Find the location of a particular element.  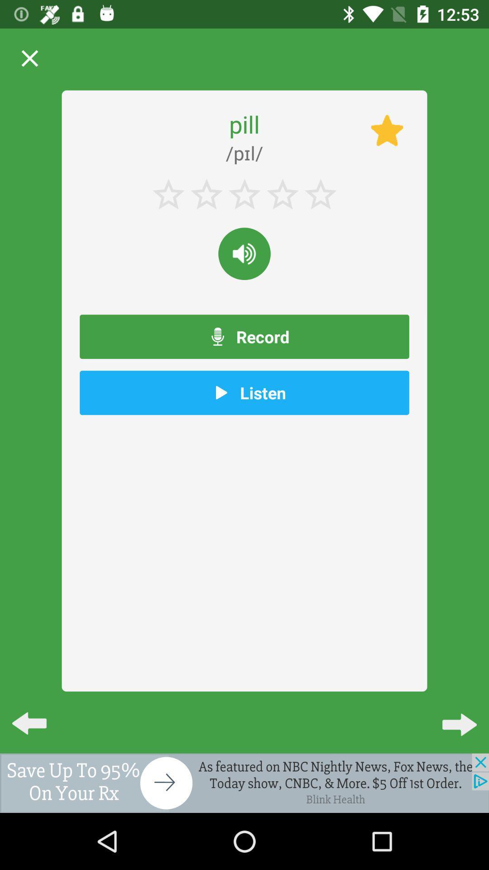

the arrow_backward icon is located at coordinates (36, 715).